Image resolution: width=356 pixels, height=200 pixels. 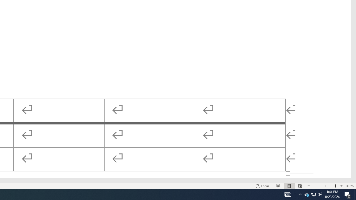 What do you see at coordinates (350, 186) in the screenshot?
I see `'Zoom 412%'` at bounding box center [350, 186].